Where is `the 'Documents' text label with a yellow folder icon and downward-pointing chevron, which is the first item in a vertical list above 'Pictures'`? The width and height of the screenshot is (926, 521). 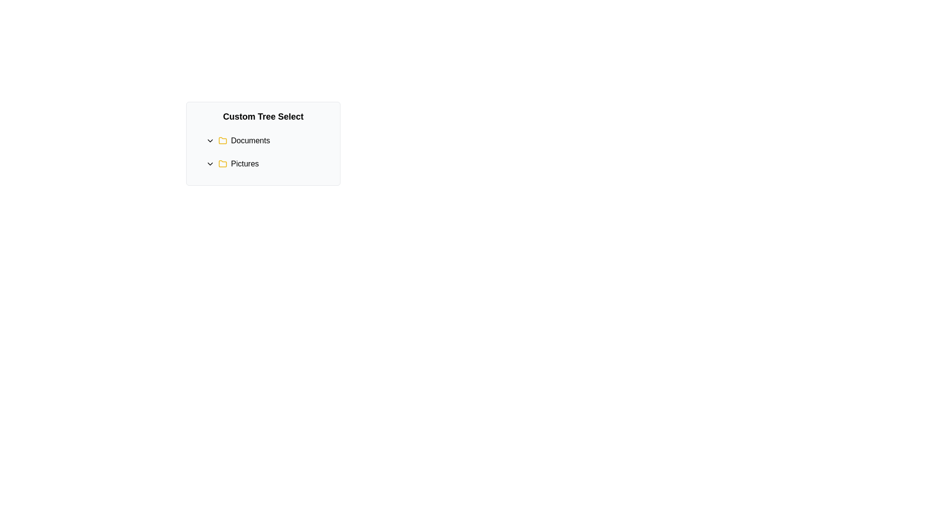 the 'Documents' text label with a yellow folder icon and downward-pointing chevron, which is the first item in a vertical list above 'Pictures' is located at coordinates (267, 141).